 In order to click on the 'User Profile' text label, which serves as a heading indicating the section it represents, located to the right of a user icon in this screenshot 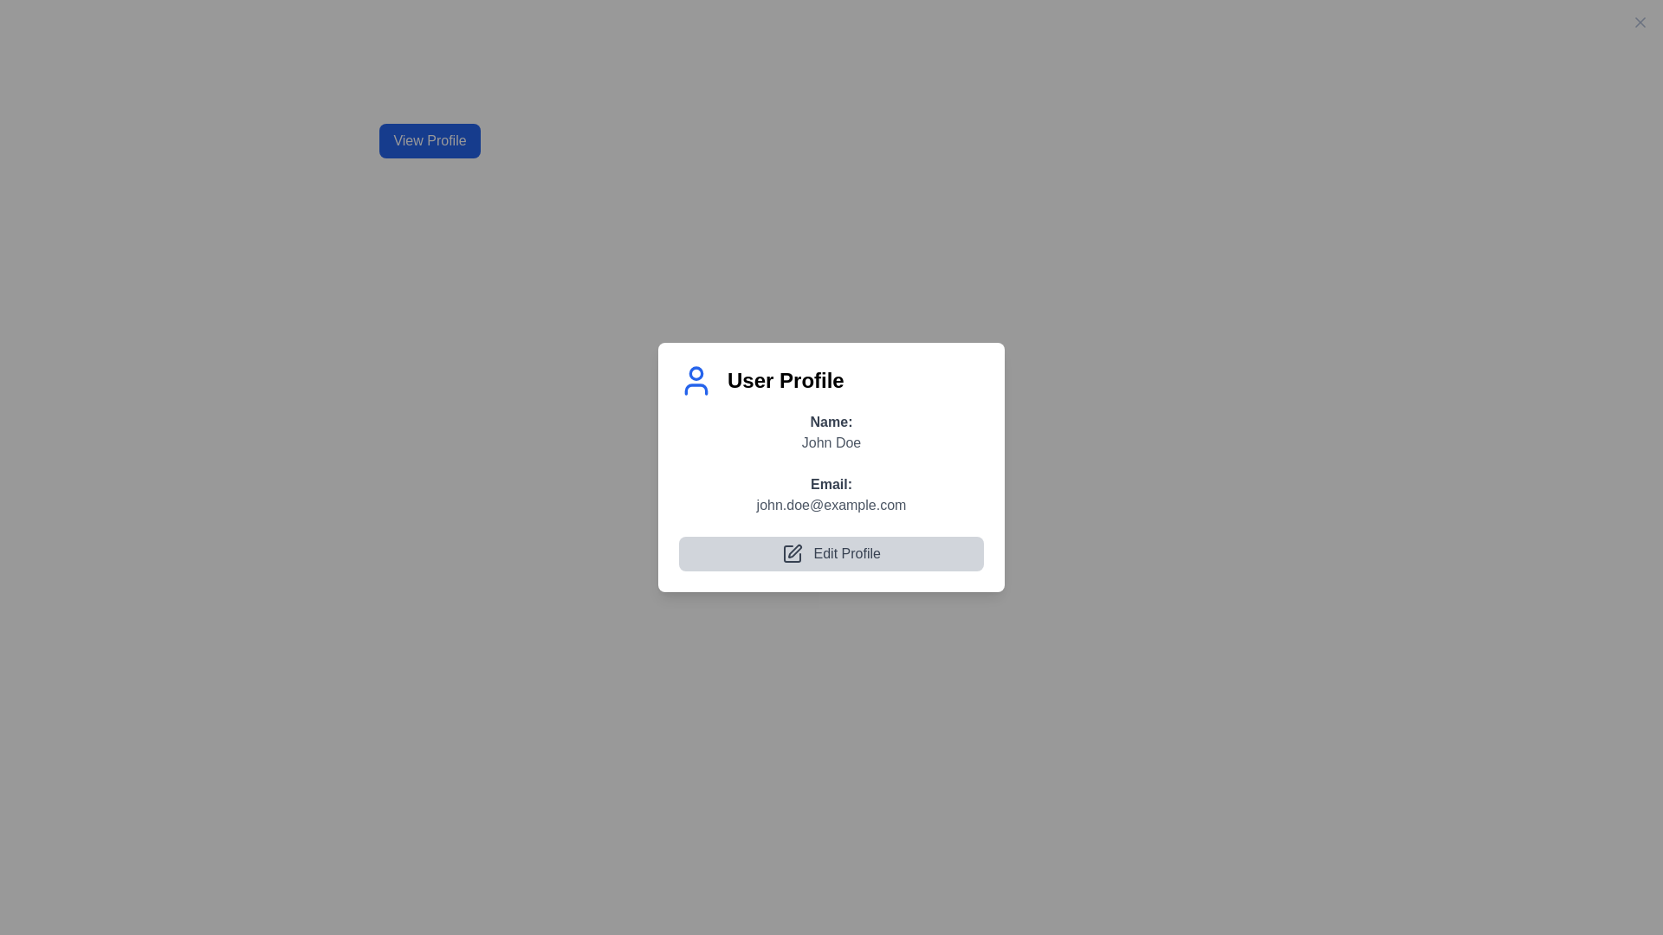, I will do `click(785, 379)`.